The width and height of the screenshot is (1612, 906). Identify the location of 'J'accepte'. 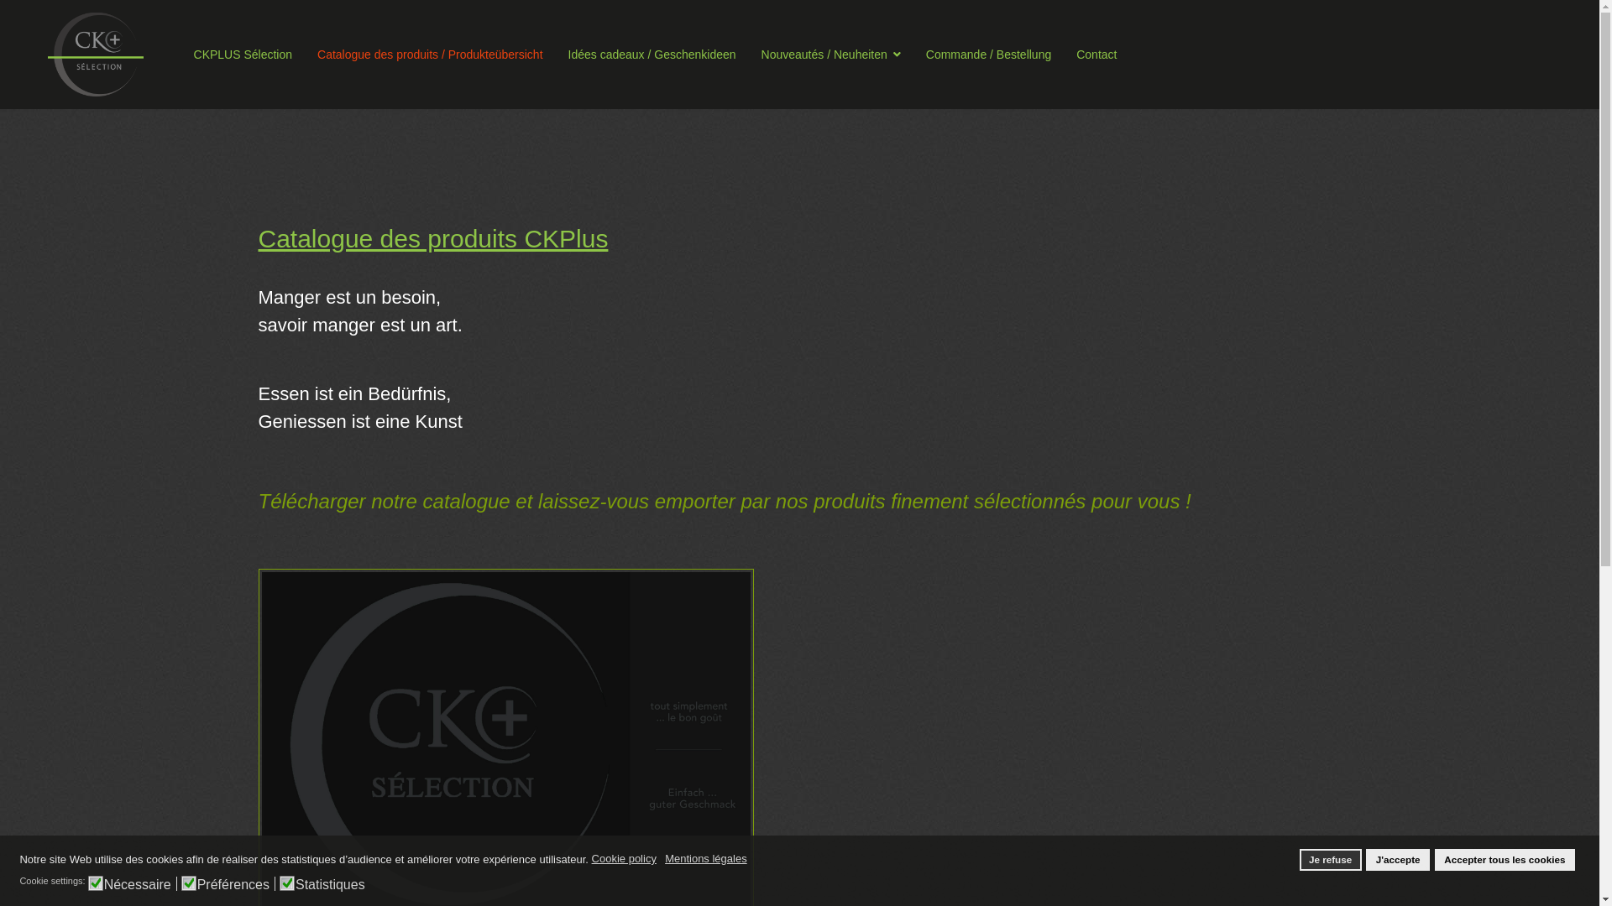
(1366, 860).